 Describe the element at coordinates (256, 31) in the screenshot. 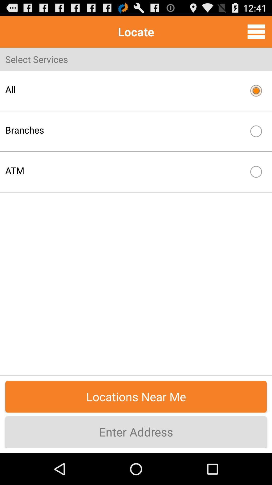

I see `show menu` at that location.